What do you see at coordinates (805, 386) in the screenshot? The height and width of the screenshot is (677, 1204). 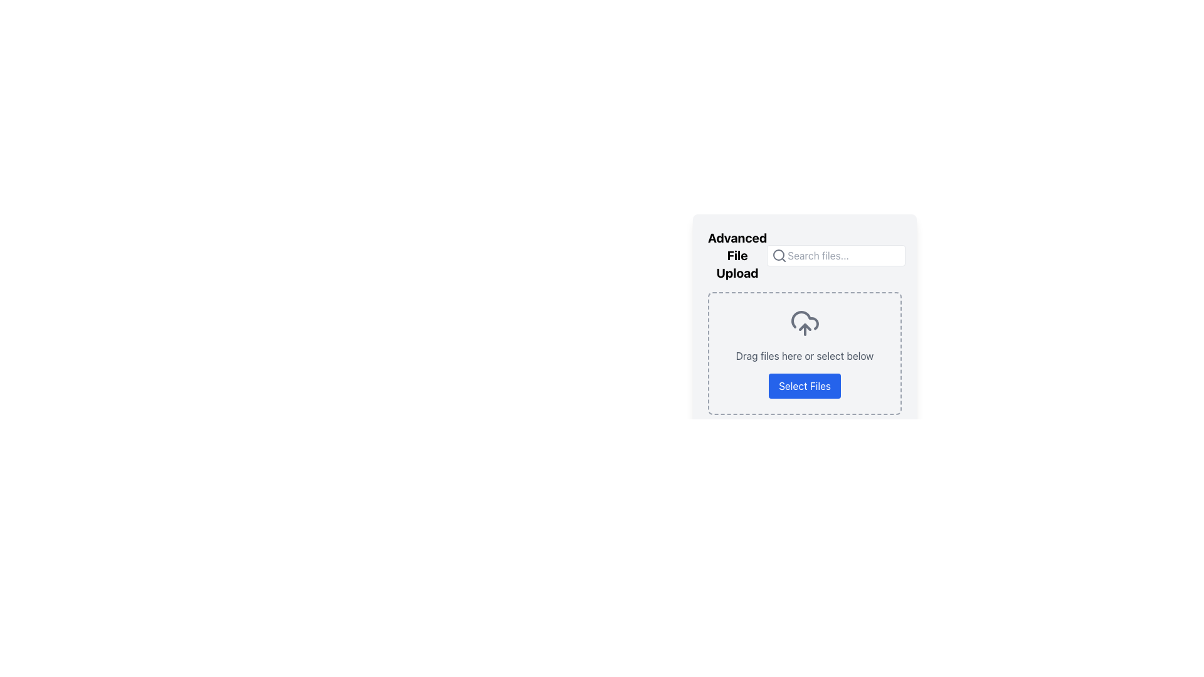 I see `the button located at the bottom center of the interface that triggers the file selection dialog` at bounding box center [805, 386].